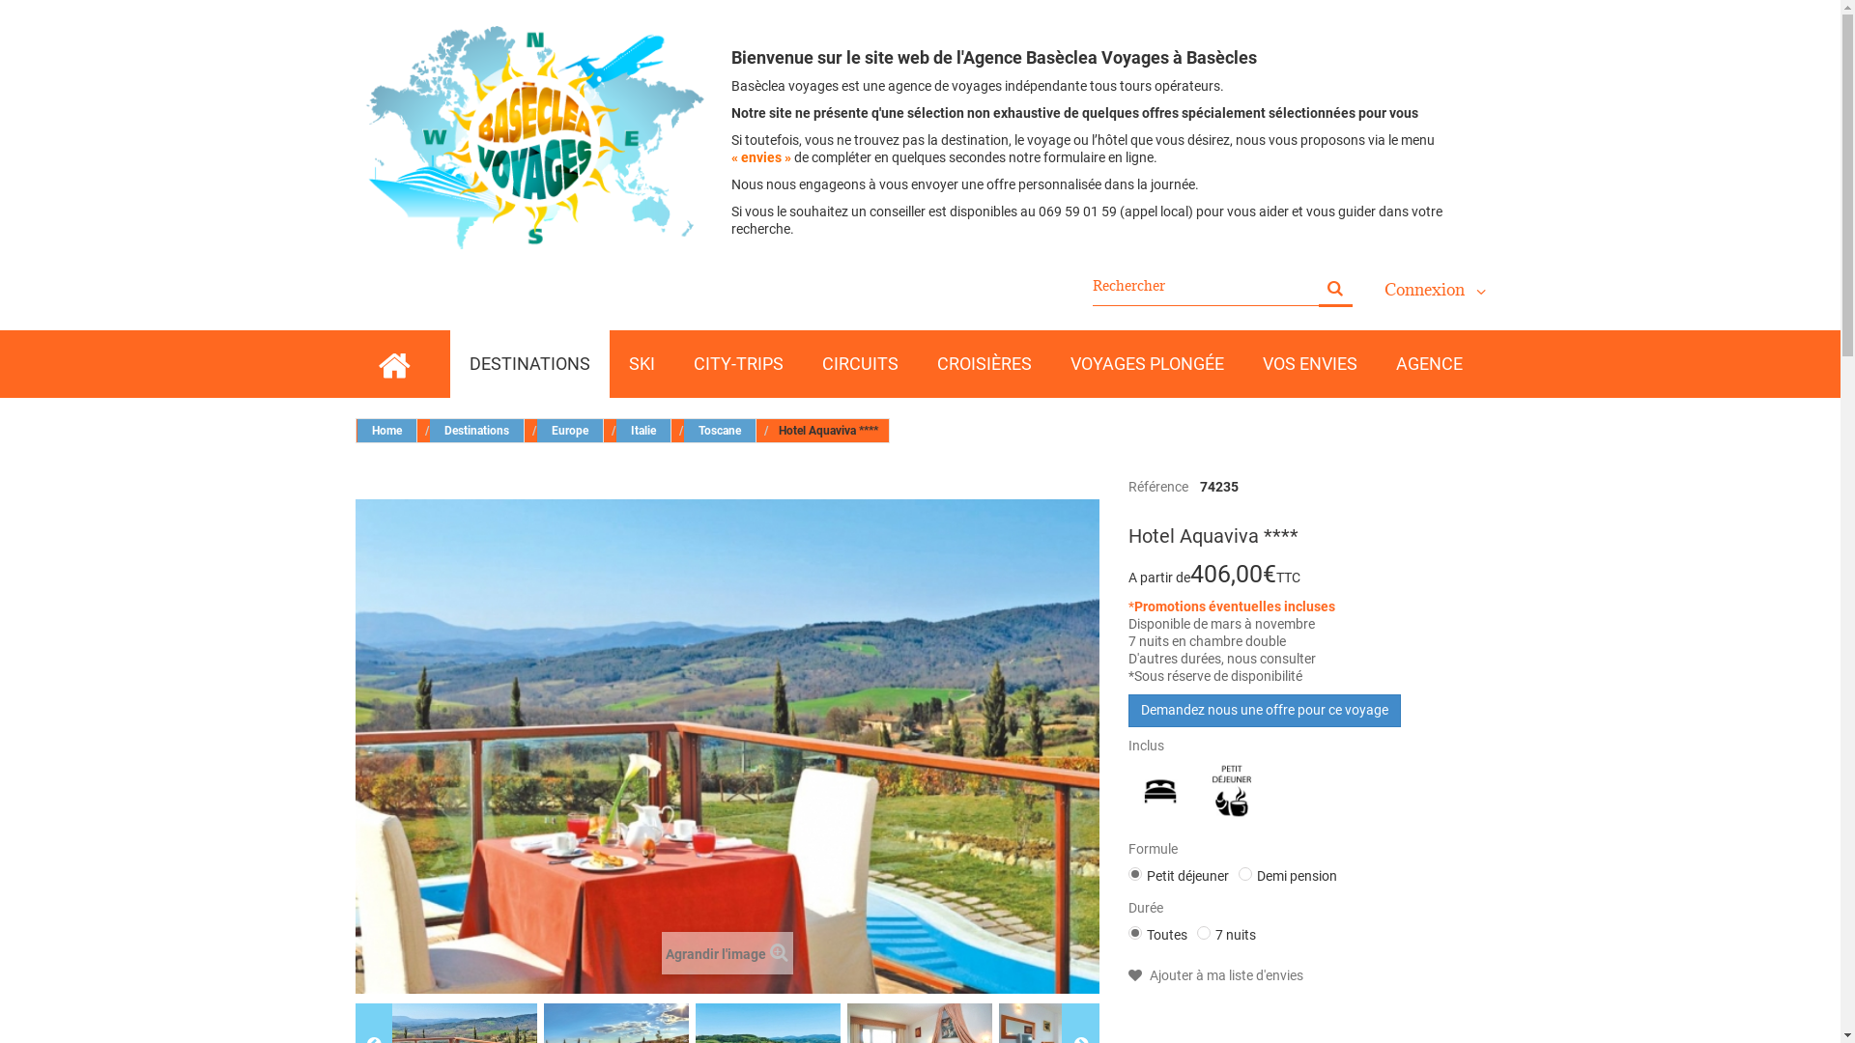  Describe the element at coordinates (1308, 364) in the screenshot. I see `'VOS ENVIES'` at that location.